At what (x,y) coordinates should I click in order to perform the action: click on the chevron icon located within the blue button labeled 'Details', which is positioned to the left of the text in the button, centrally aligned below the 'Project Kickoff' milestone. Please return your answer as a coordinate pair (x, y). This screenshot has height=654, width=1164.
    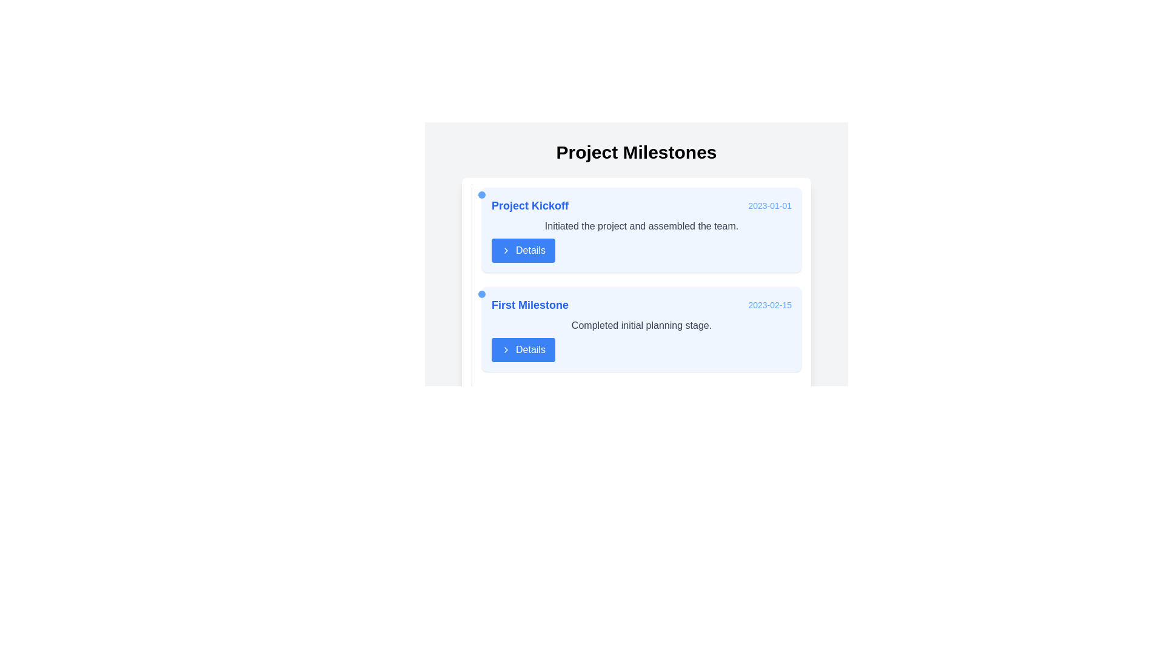
    Looking at the image, I should click on (506, 249).